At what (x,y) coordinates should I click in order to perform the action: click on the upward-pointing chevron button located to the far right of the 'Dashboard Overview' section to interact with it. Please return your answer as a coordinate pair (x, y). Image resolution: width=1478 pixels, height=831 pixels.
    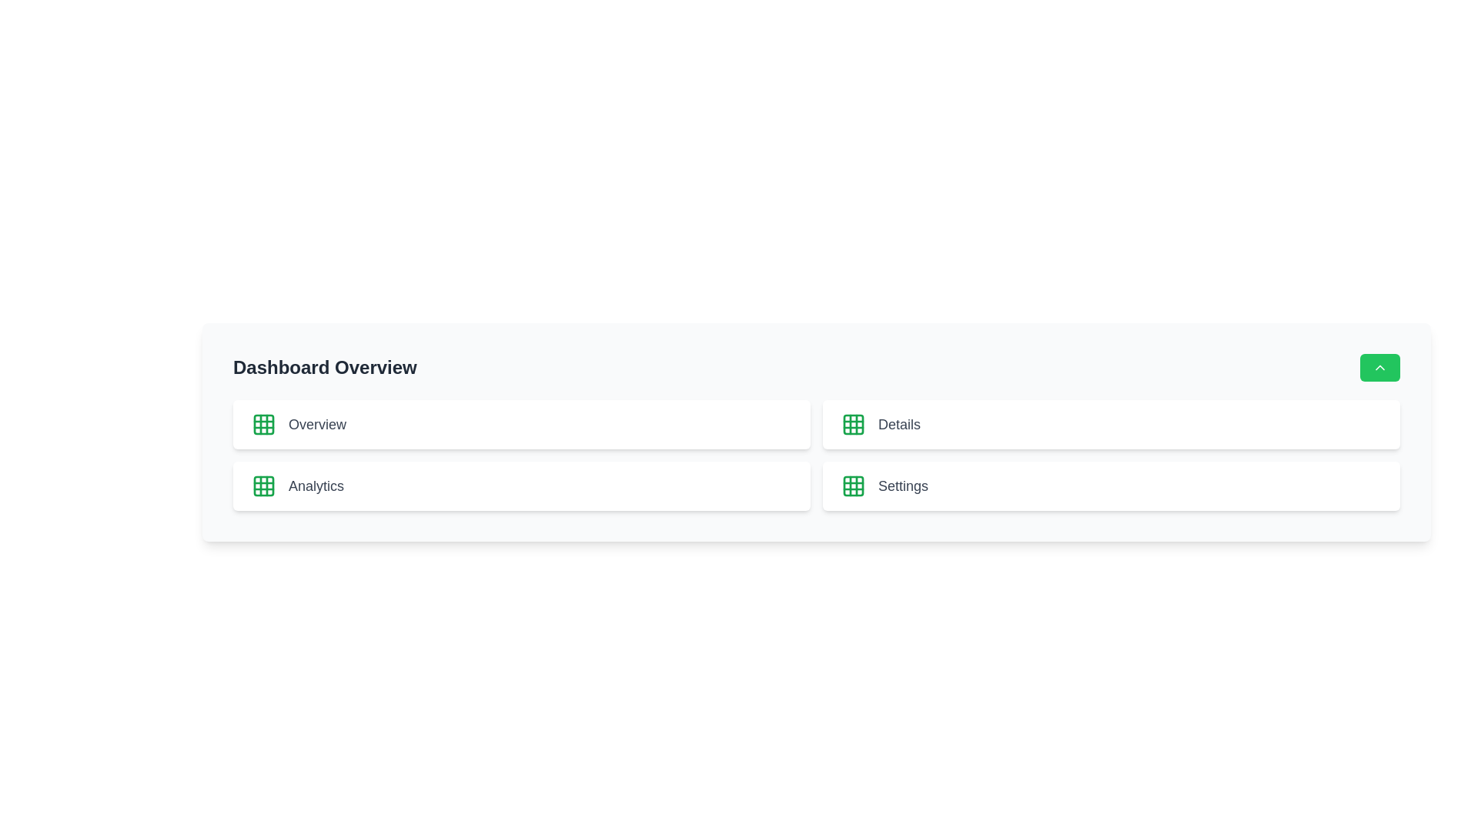
    Looking at the image, I should click on (1380, 368).